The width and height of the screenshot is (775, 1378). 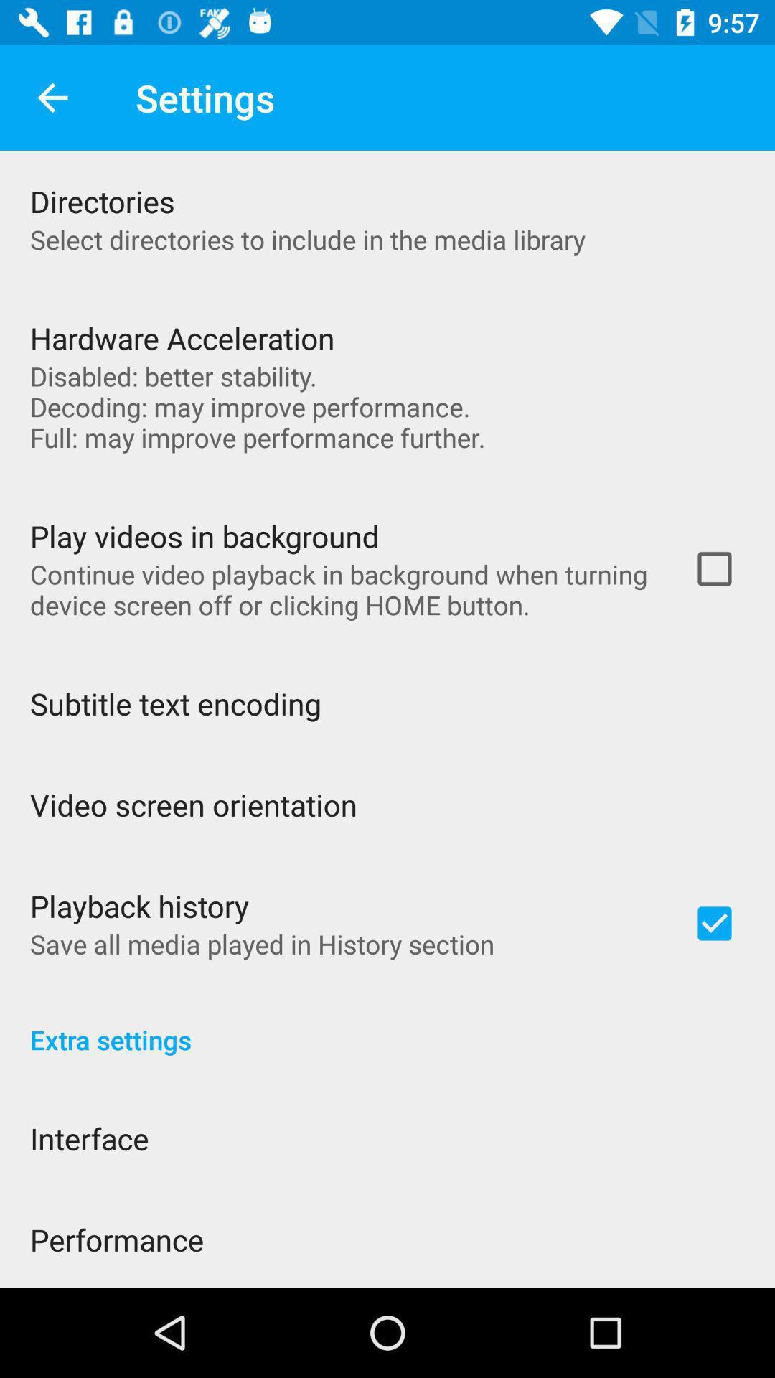 I want to click on the item above the interface item, so click(x=387, y=1024).